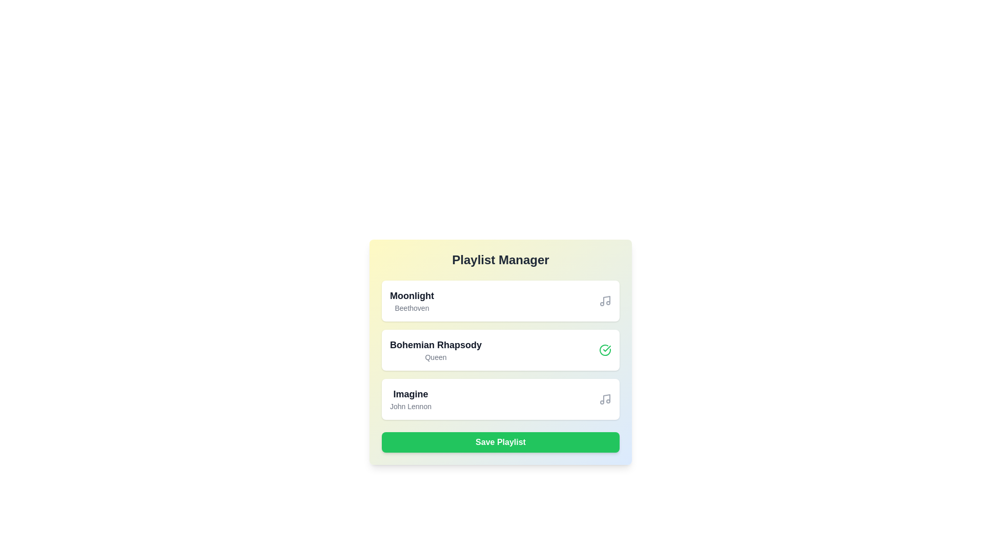  I want to click on the song titled 'Bohemian Rhapsody' to inspect its details, so click(435, 349).